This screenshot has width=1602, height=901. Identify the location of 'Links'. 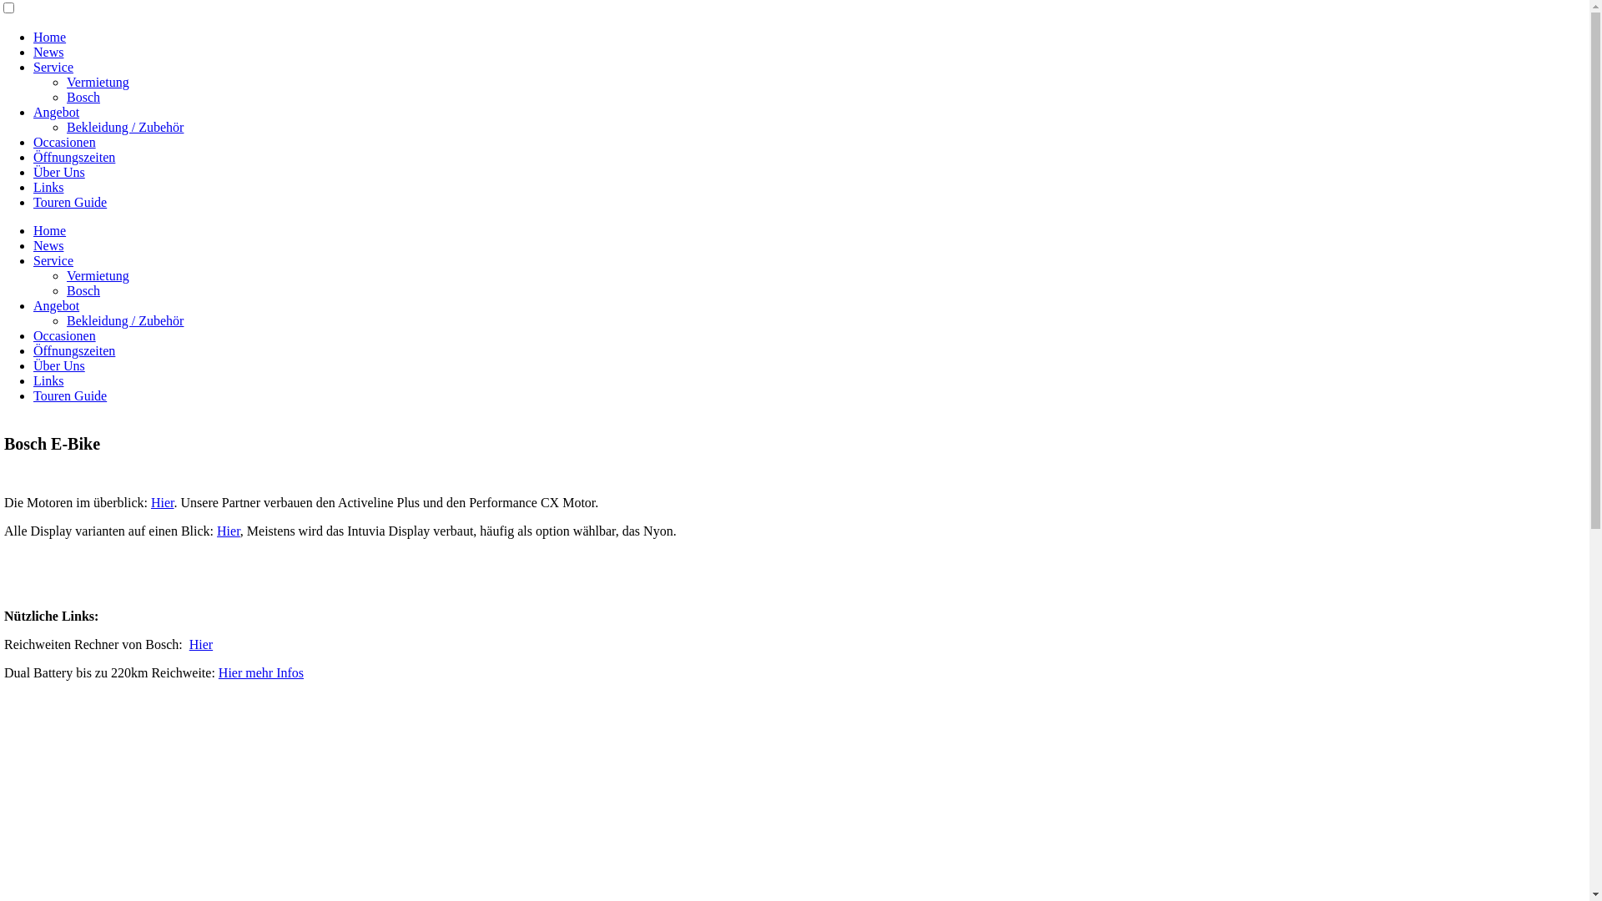
(48, 187).